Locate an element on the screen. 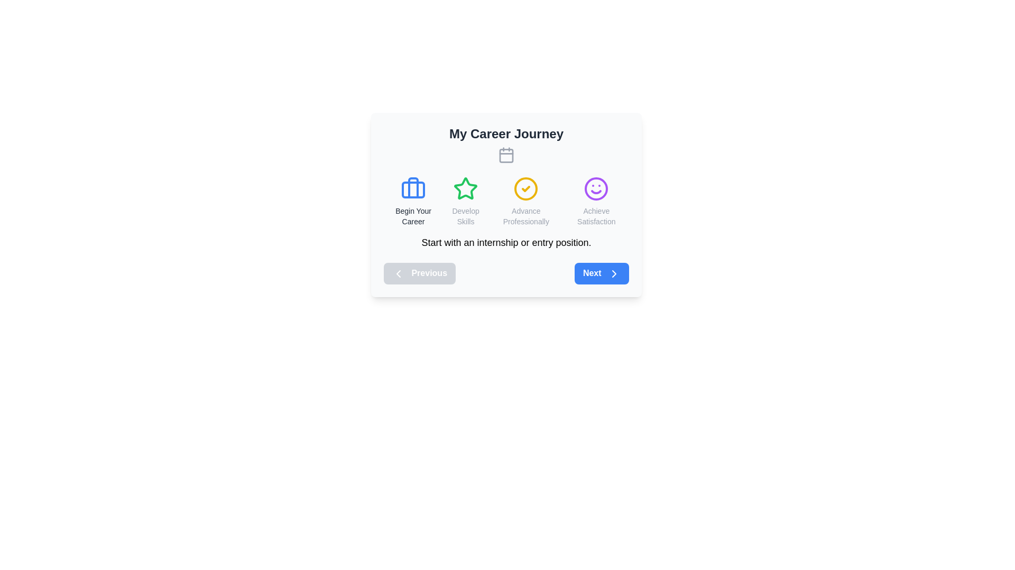  the 'Previous' button, which has a light gray background, white text, and a left-pointing chevron icon is located at coordinates (419, 273).